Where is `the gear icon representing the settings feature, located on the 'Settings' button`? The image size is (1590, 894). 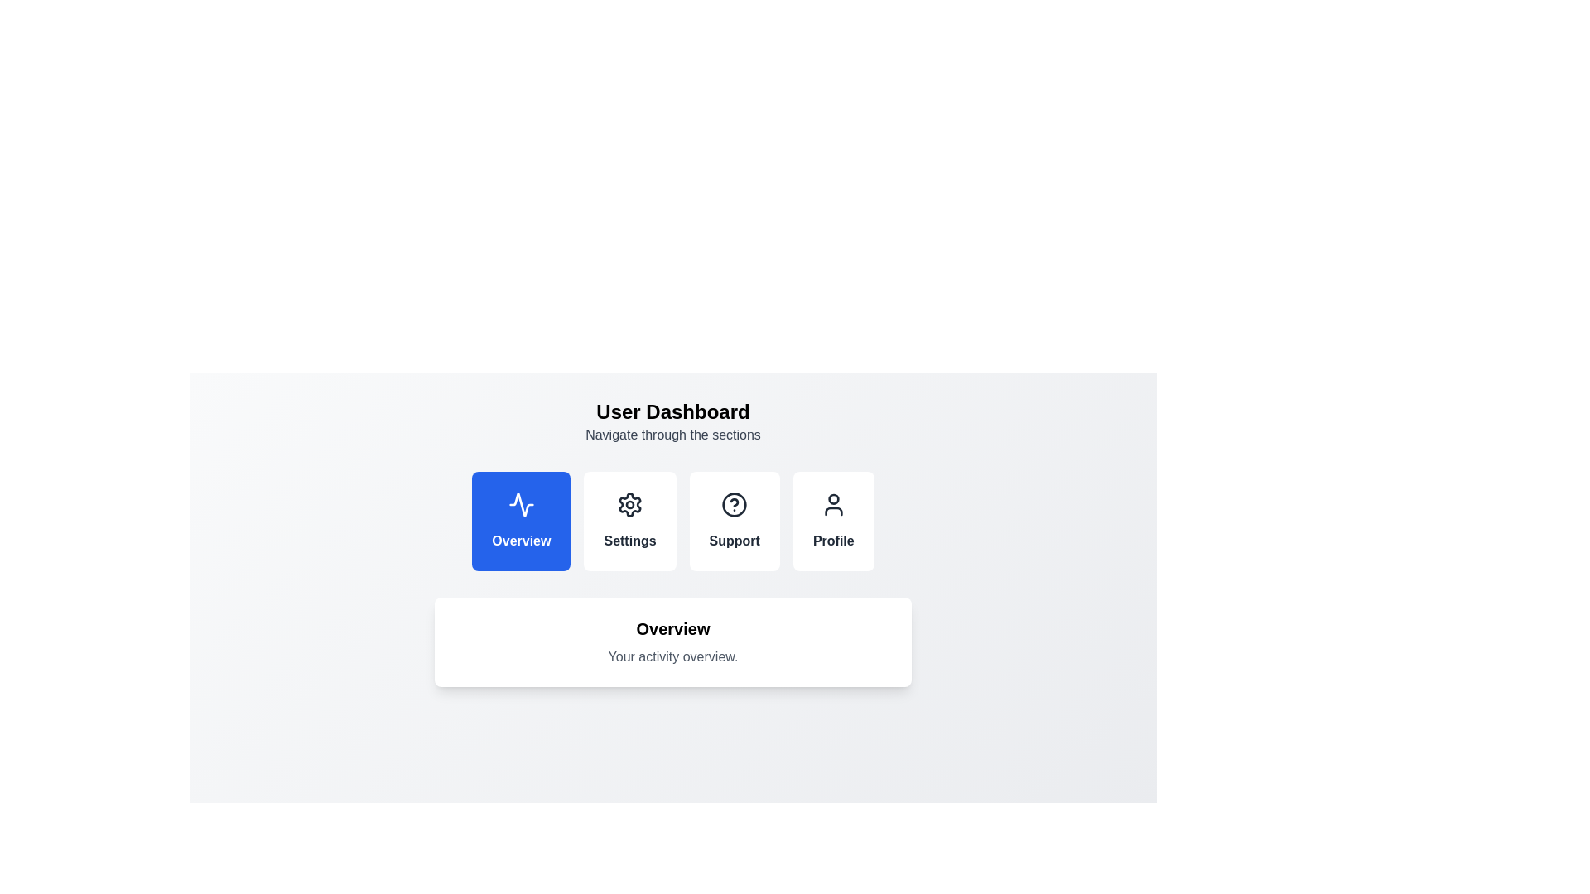
the gear icon representing the settings feature, located on the 'Settings' button is located at coordinates (629, 503).